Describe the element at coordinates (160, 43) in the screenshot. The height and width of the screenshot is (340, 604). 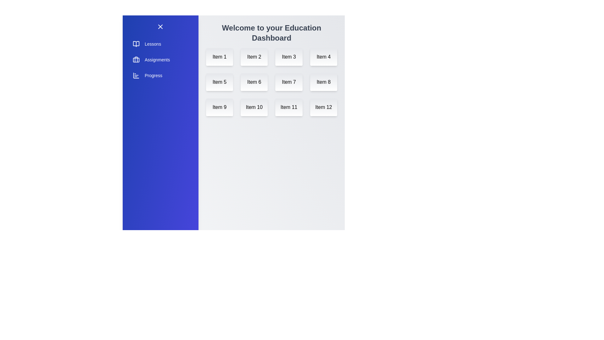
I see `the 'Lessons' option in the sidebar to navigate to the 'Lessons' section` at that location.